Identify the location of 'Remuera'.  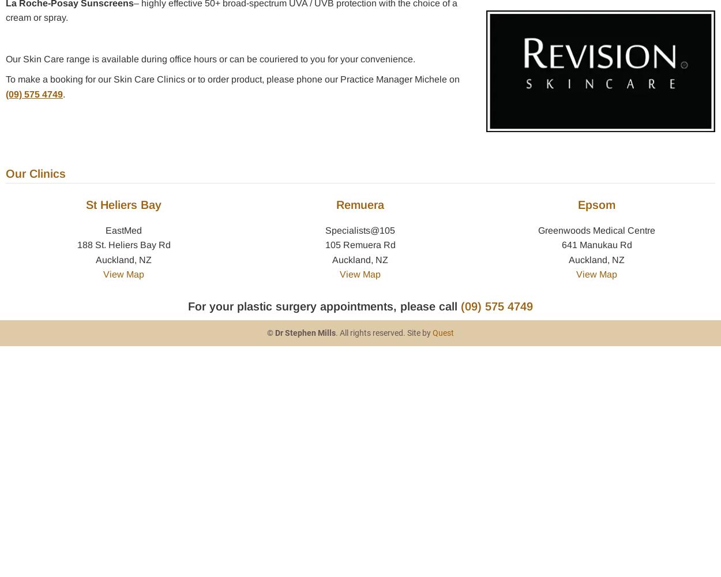
(359, 204).